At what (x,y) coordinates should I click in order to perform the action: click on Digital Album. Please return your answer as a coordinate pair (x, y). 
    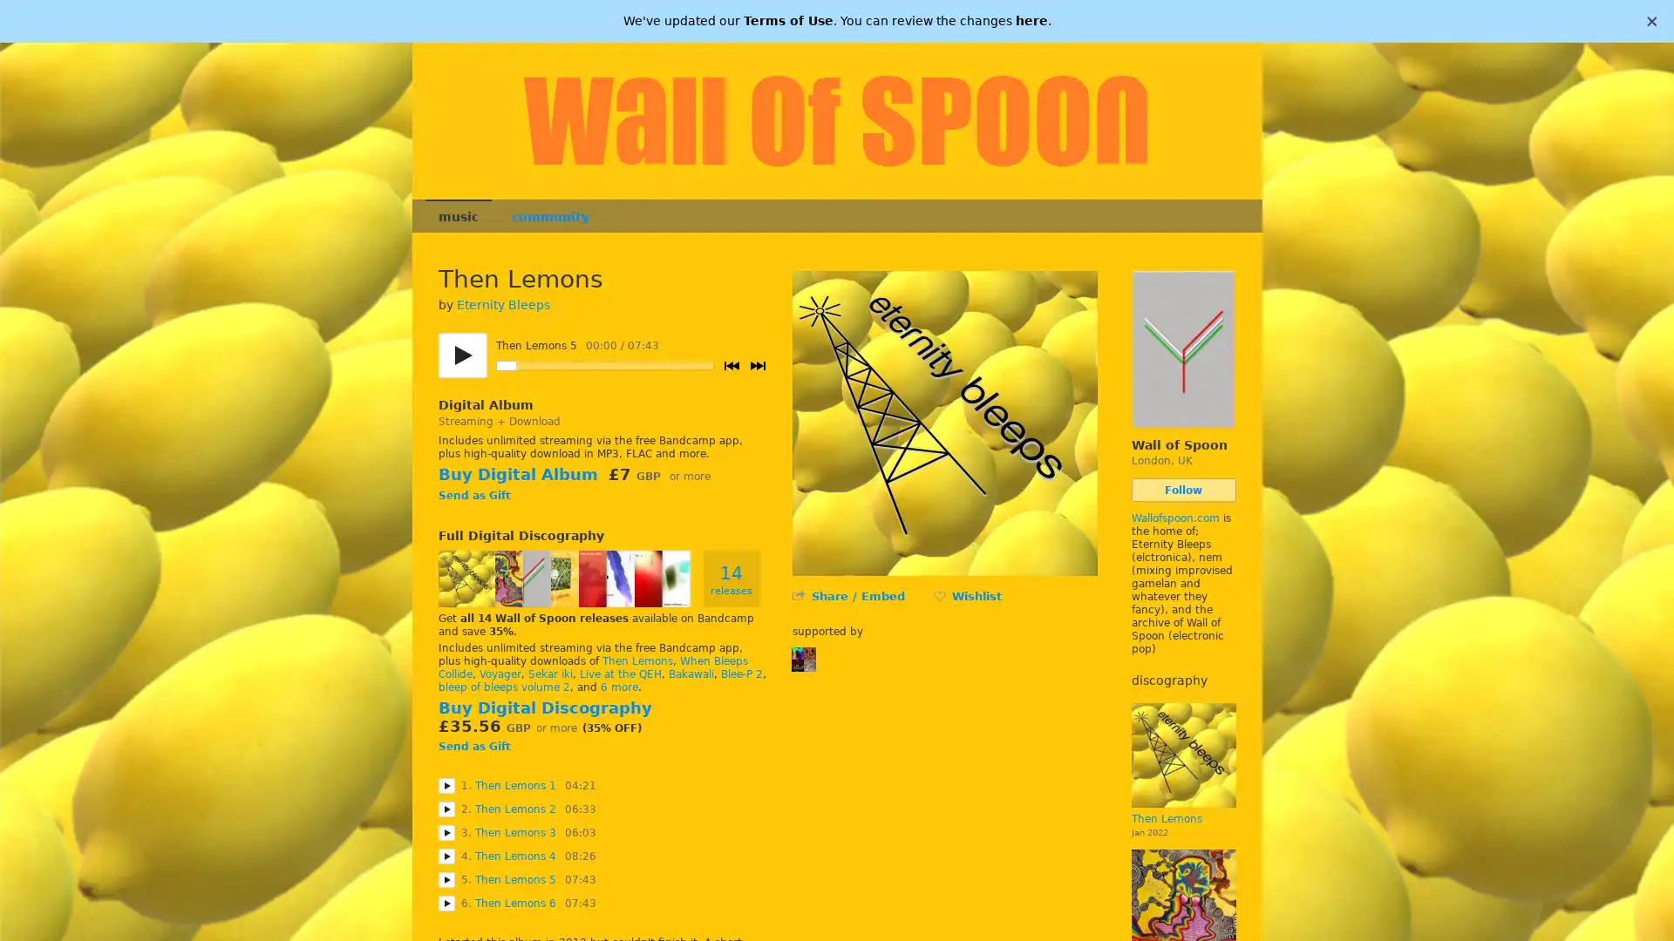
    Looking at the image, I should click on (485, 405).